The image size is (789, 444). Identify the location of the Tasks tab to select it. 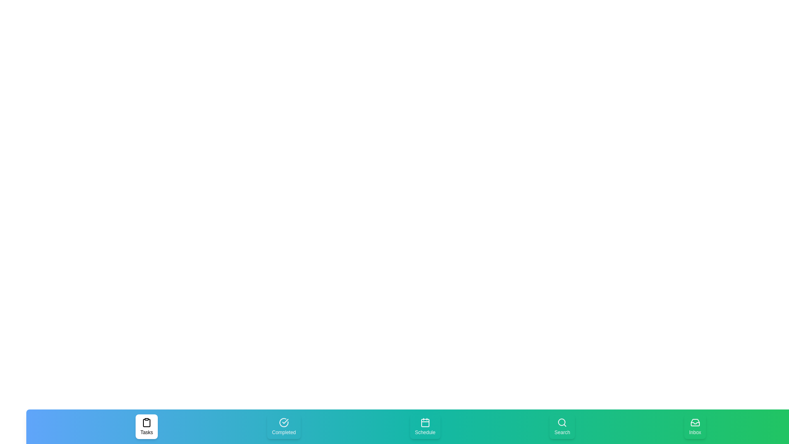
(146, 426).